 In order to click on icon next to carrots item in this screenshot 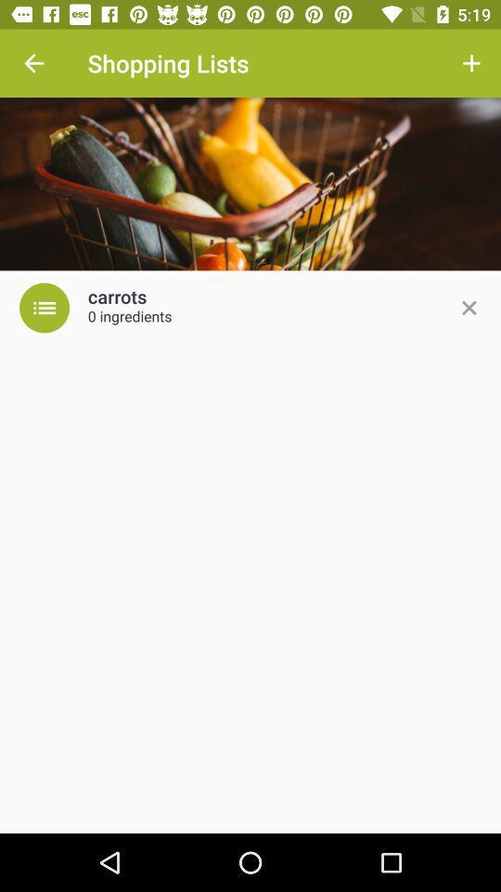, I will do `click(45, 308)`.